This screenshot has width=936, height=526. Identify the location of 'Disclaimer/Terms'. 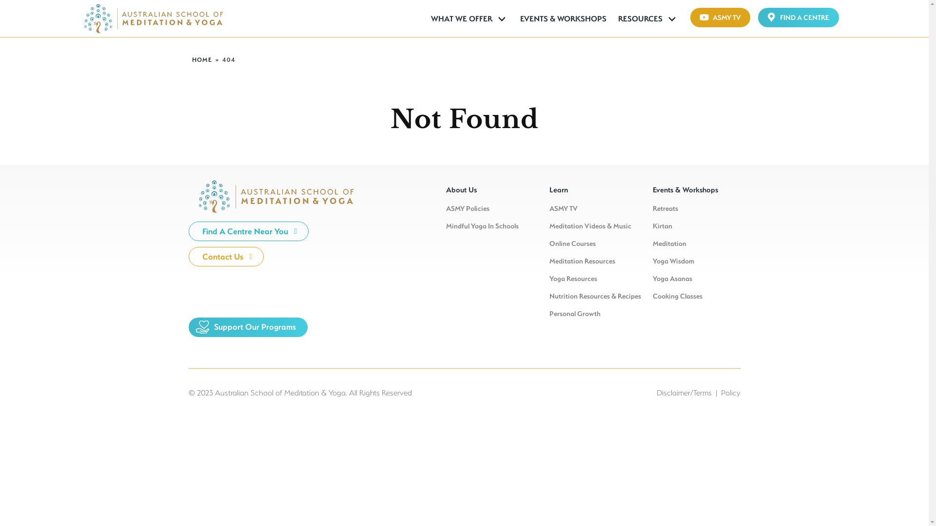
(683, 392).